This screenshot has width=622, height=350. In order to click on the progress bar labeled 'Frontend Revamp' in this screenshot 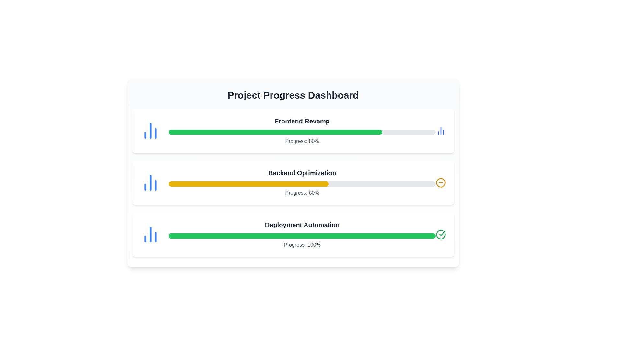, I will do `click(302, 131)`.